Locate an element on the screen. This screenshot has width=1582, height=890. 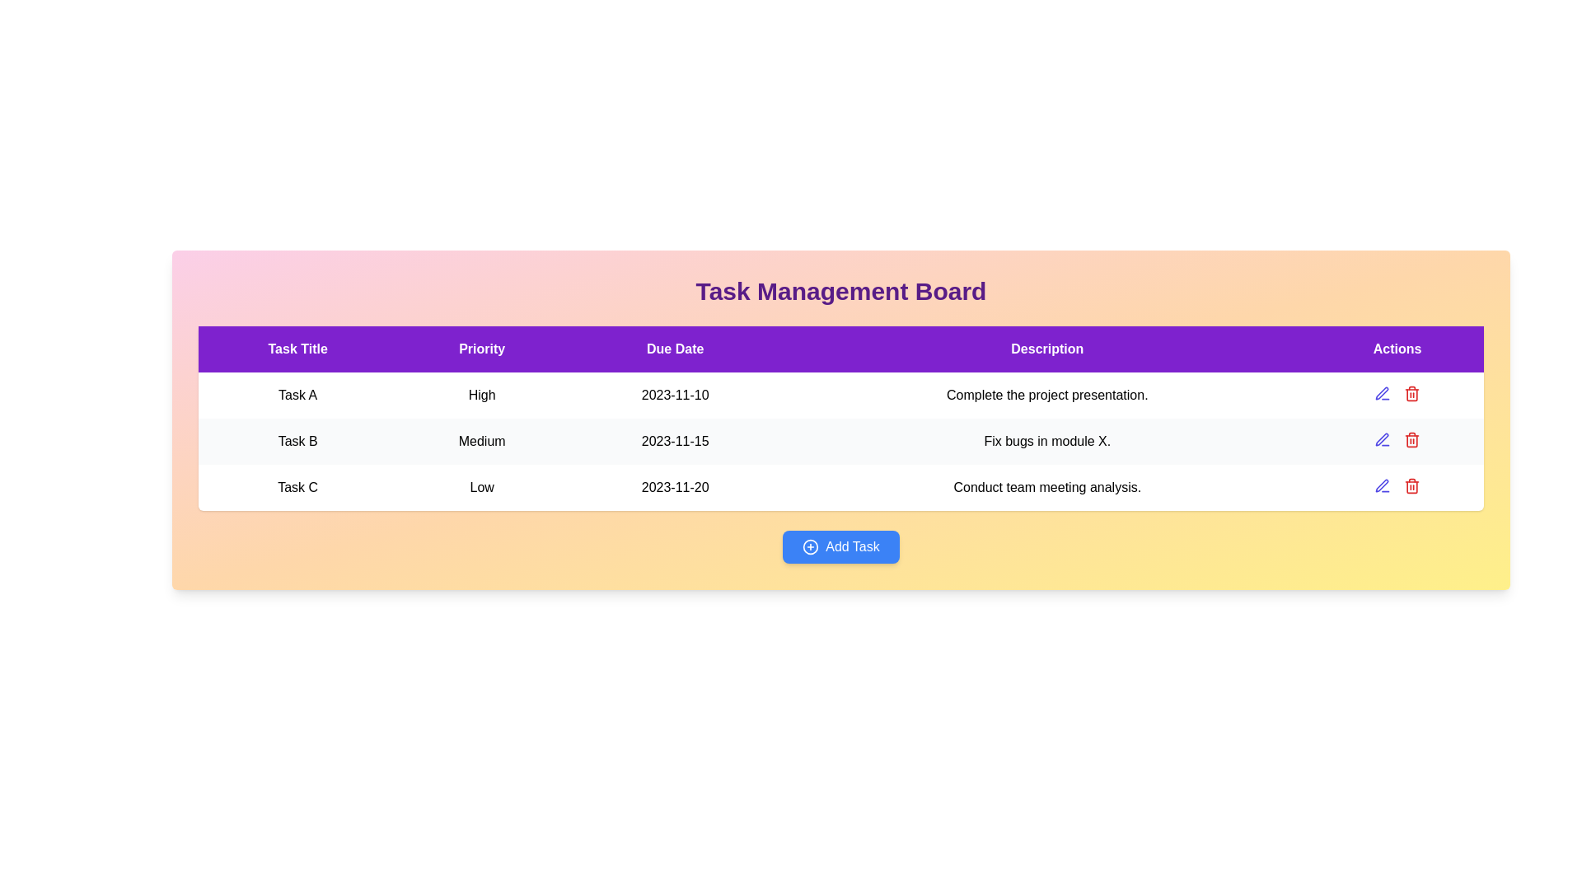
the 'High' priority Text Label in the task management board, which is located in the second column of the first row under the 'Priority' header is located at coordinates (481, 395).